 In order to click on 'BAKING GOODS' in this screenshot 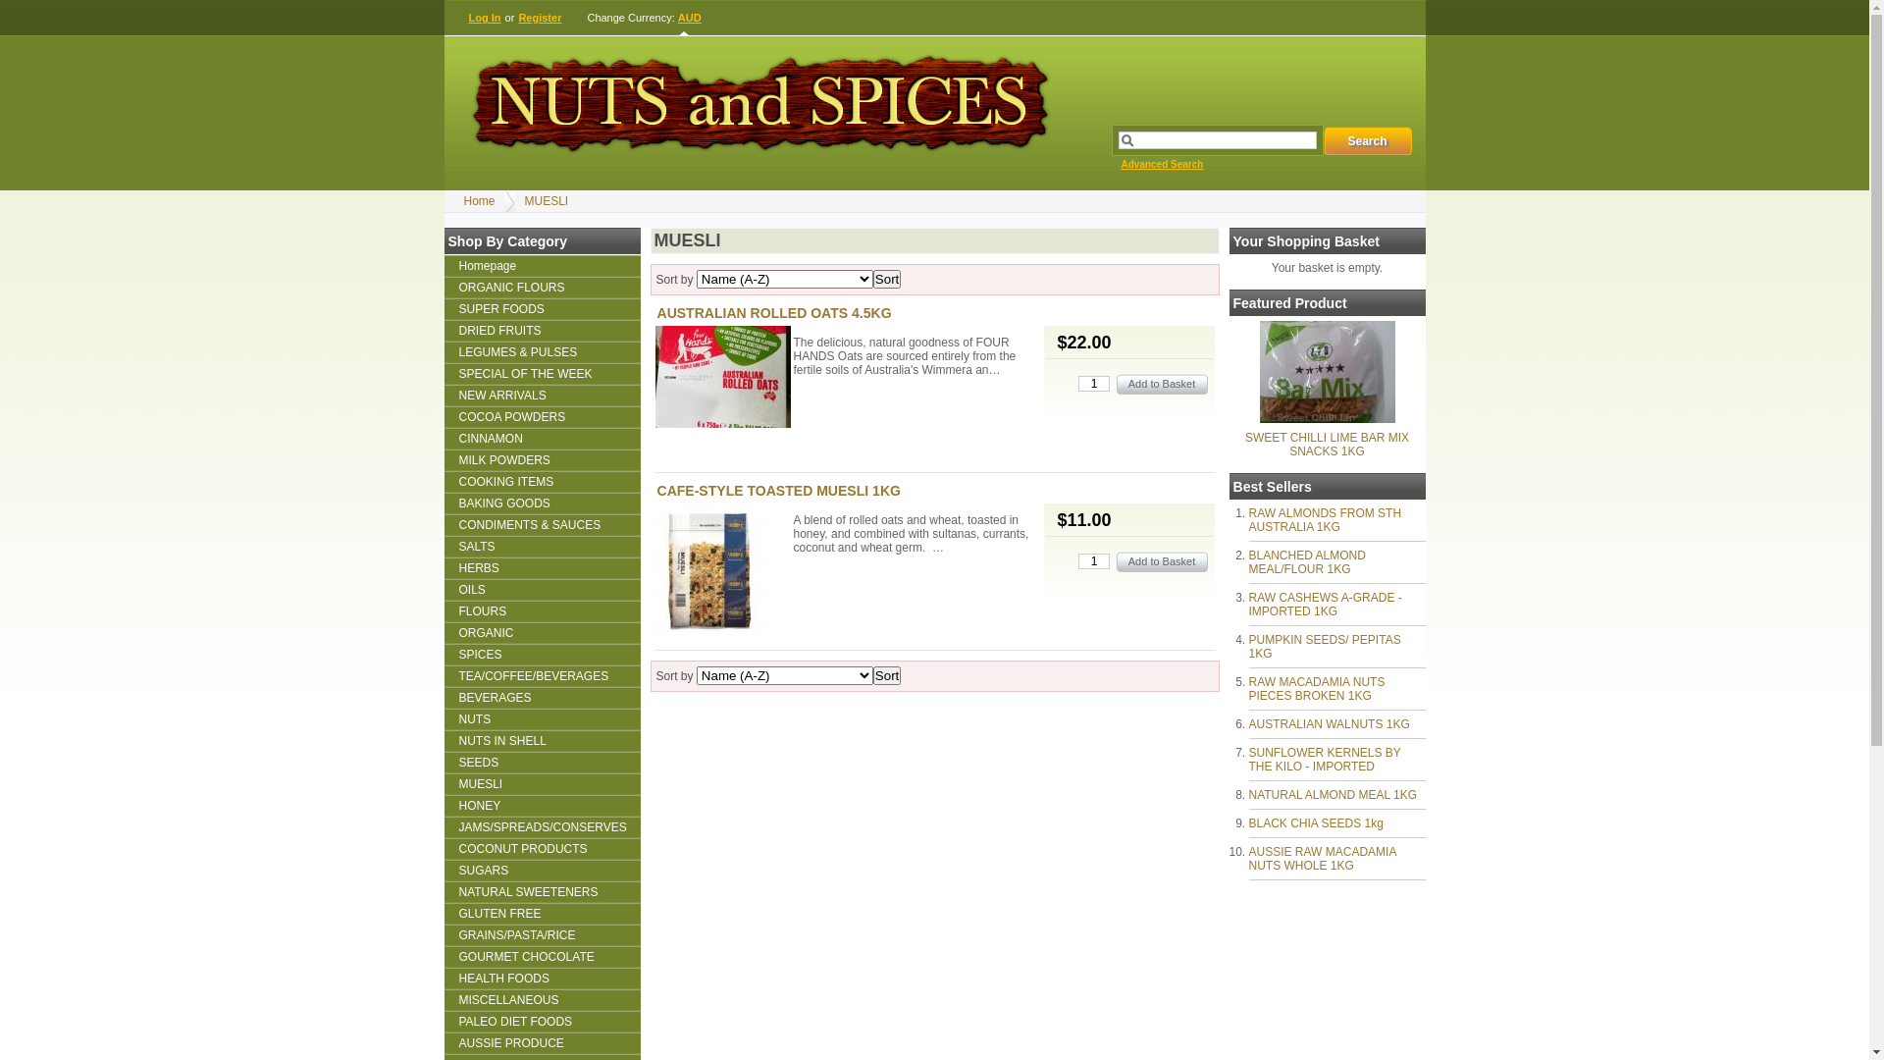, I will do `click(542, 503)`.